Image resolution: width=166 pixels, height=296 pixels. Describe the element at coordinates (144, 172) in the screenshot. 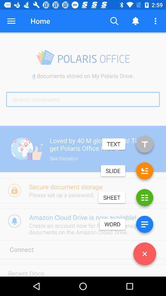

I see `a slideshow` at that location.